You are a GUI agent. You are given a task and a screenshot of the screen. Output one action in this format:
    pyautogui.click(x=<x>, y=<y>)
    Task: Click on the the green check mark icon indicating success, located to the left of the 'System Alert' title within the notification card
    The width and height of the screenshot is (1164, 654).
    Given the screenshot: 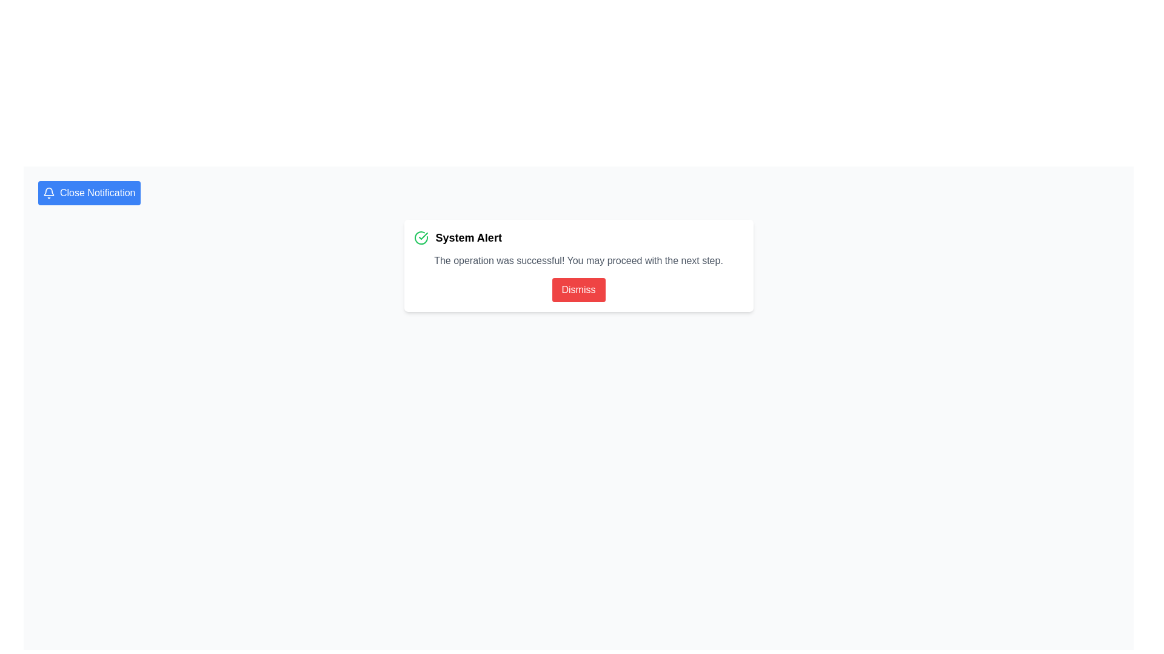 What is the action you would take?
    pyautogui.click(x=423, y=236)
    